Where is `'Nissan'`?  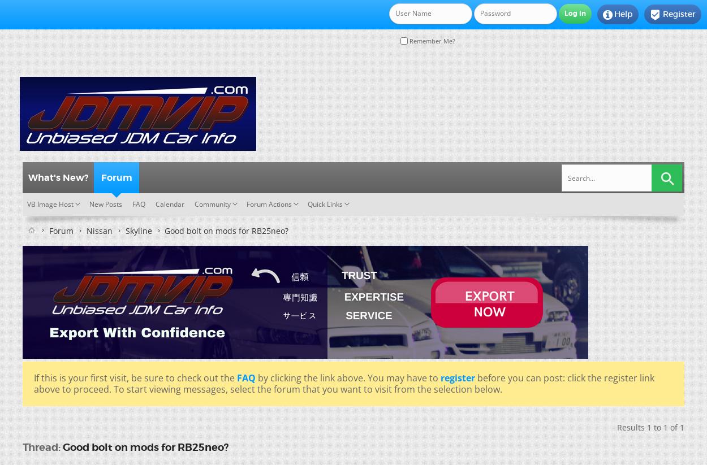
'Nissan' is located at coordinates (100, 229).